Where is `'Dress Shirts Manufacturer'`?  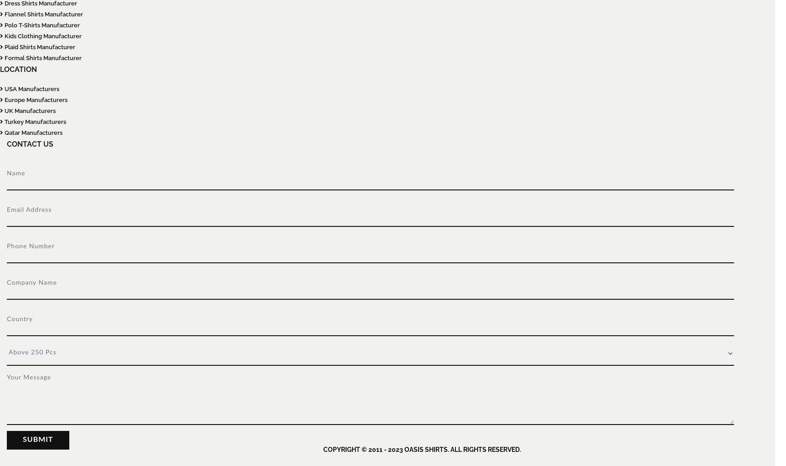
'Dress Shirts Manufacturer' is located at coordinates (3, 3).